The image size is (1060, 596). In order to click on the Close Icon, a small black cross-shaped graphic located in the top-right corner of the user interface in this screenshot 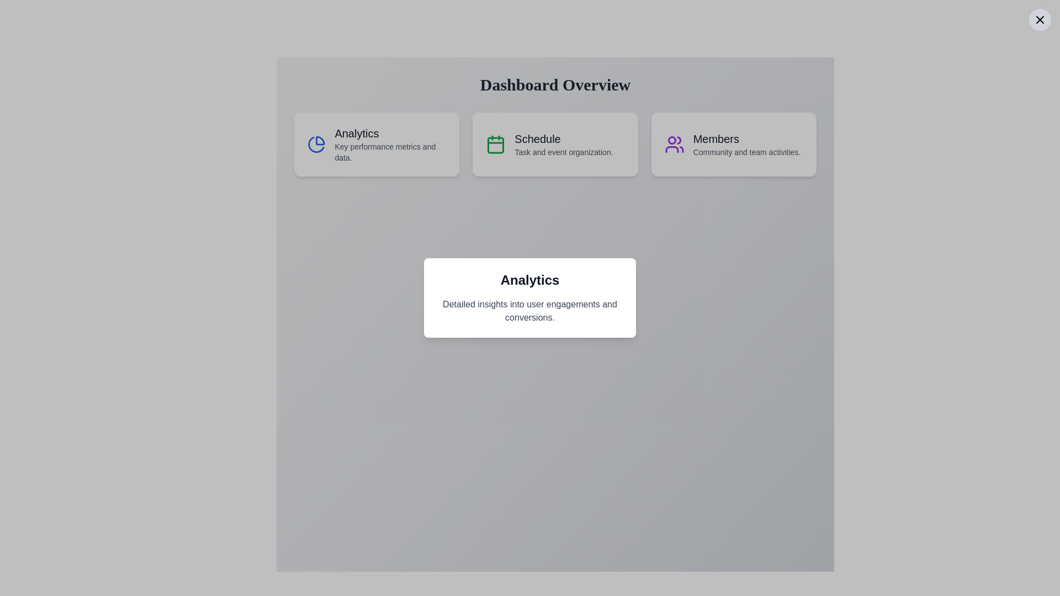, I will do `click(1039, 19)`.